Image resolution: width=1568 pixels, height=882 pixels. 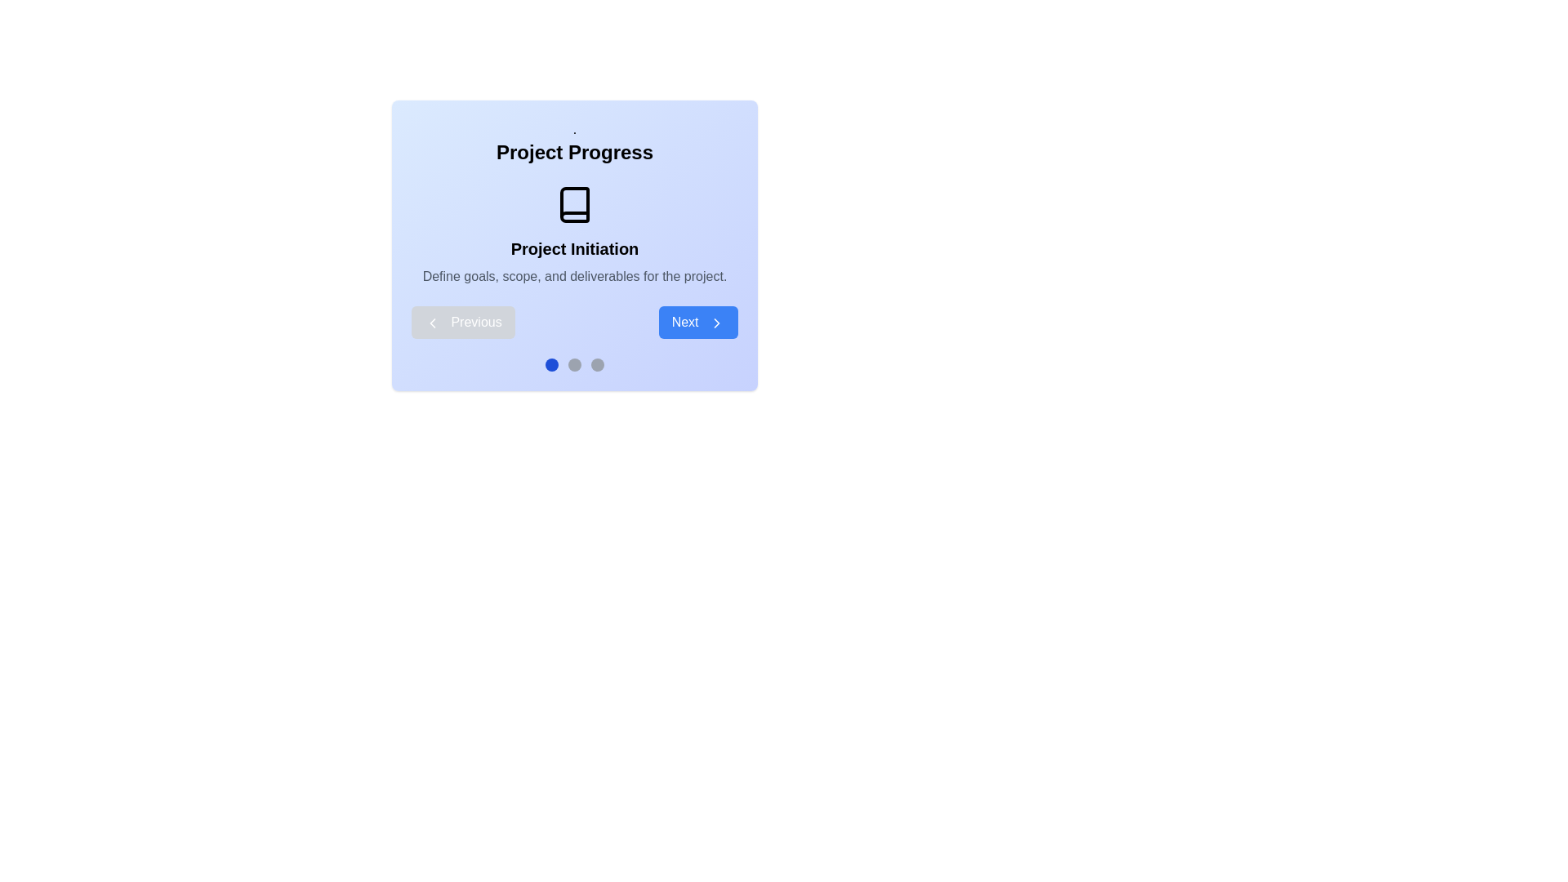 I want to click on the graphical book icon located centrally under the title 'Project Progress', which features a clean, minimal design and is aligned with pagination indicators, so click(x=575, y=203).